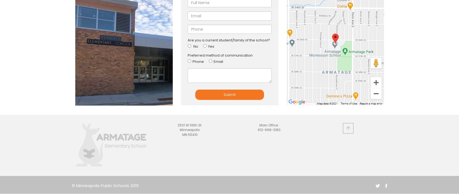  Describe the element at coordinates (229, 94) in the screenshot. I see `'Submit'` at that location.